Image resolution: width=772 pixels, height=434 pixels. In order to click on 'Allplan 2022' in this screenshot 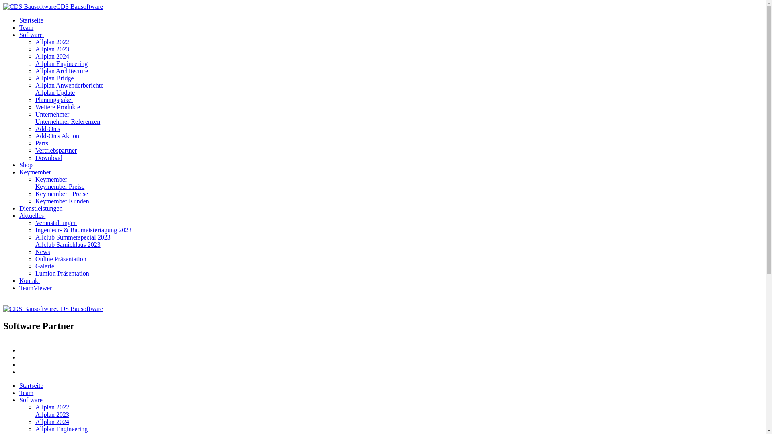, I will do `click(51, 42)`.